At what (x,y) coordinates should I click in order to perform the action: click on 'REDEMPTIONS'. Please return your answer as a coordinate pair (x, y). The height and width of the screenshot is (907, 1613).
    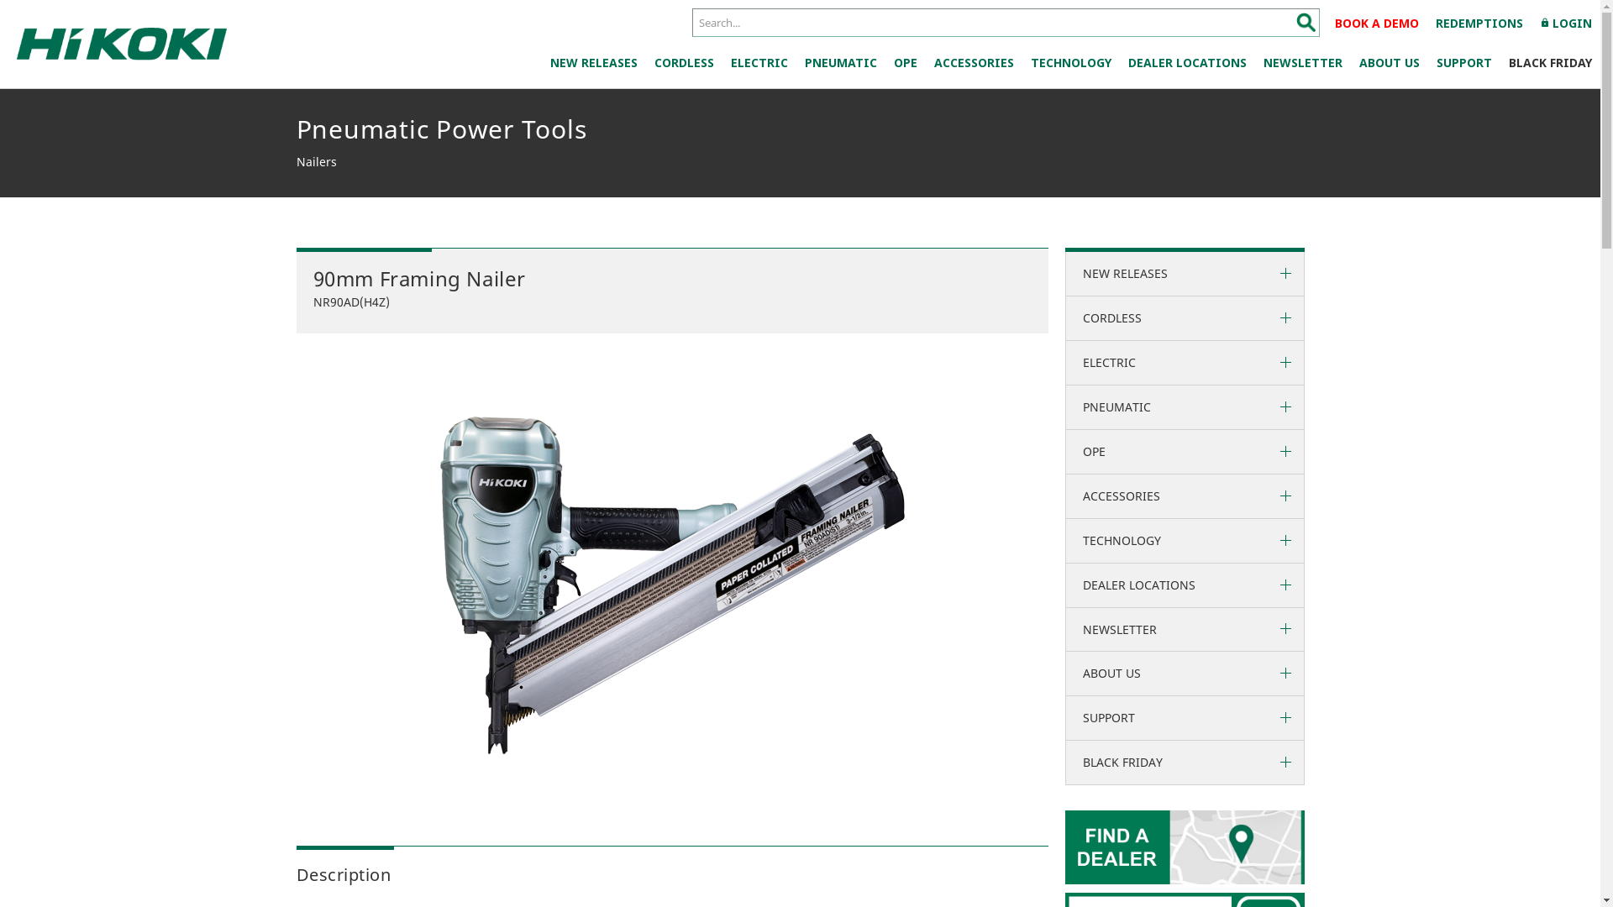
    Looking at the image, I should click on (1426, 23).